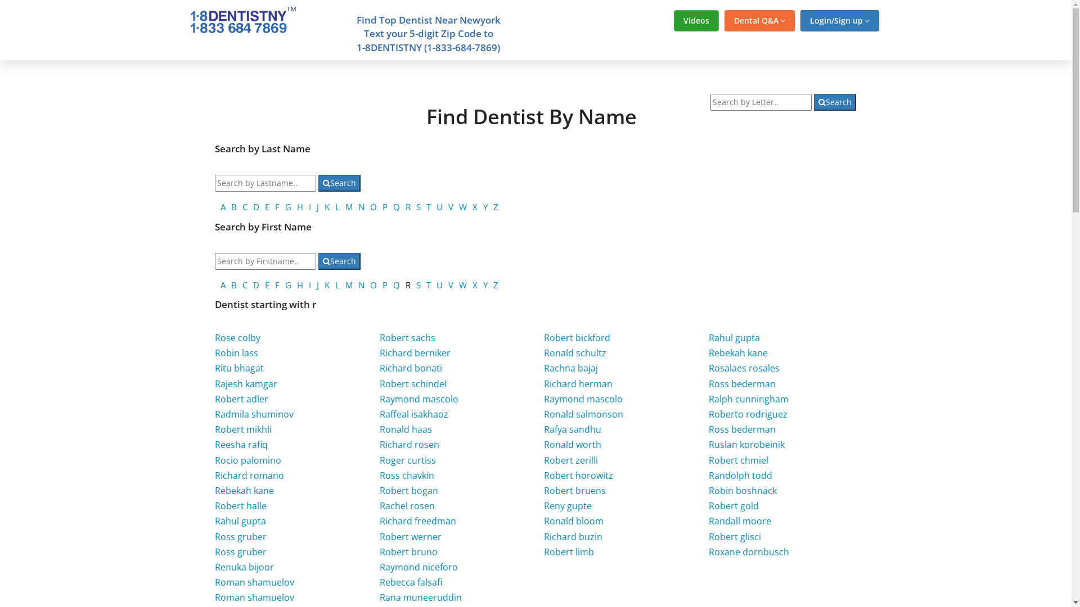 This screenshot has width=1080, height=607. I want to click on 'Richard bonati', so click(410, 368).